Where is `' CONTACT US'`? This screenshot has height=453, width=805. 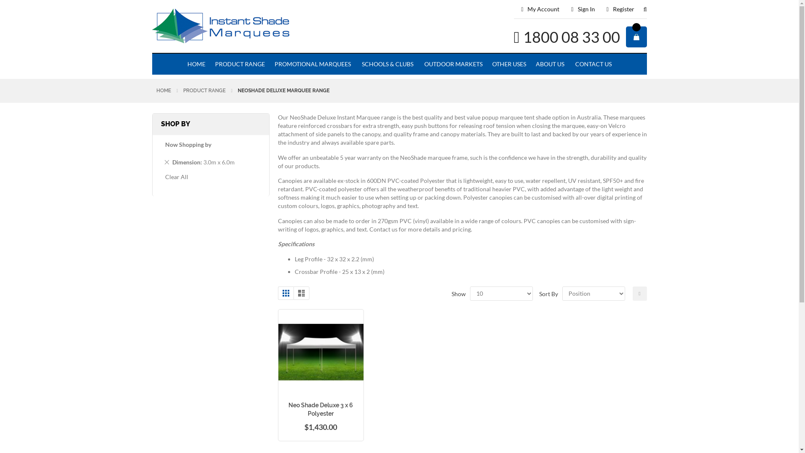 ' CONTACT US' is located at coordinates (592, 64).